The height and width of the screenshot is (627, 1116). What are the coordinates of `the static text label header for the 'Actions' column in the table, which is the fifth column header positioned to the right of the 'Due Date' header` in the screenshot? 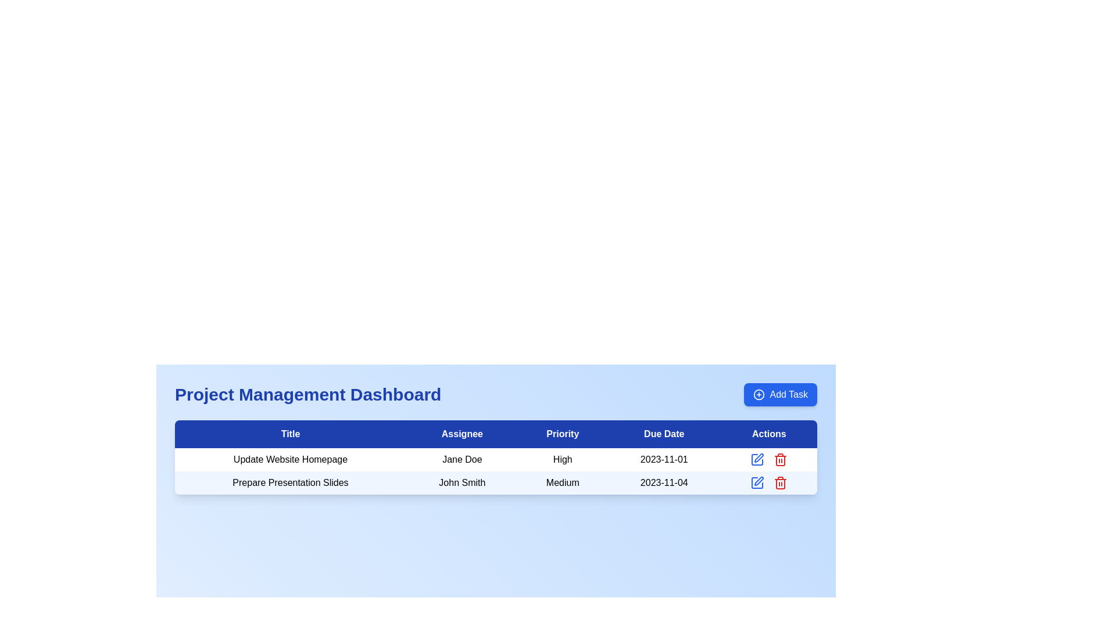 It's located at (769, 434).